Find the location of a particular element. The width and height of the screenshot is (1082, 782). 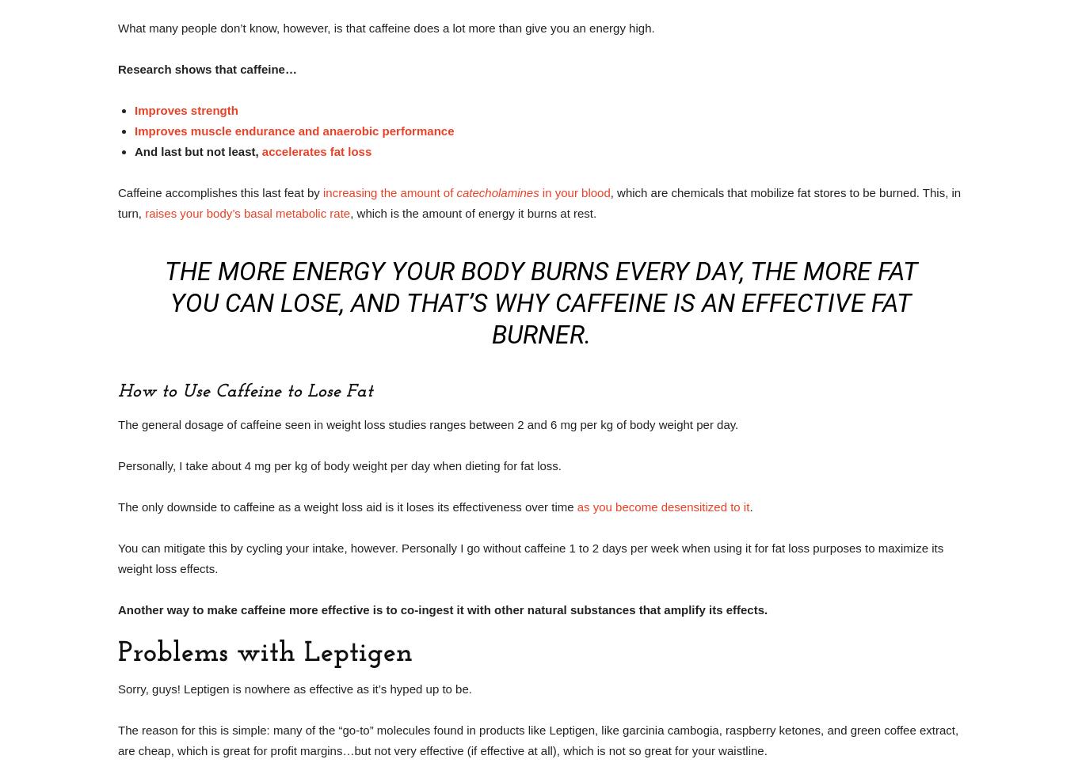

'raises your body’s basal metabolic rate' is located at coordinates (247, 212).